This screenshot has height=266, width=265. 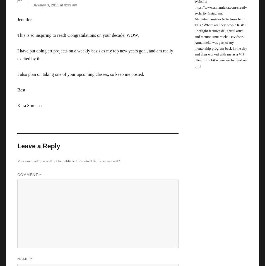 I want to click on 'Jennifer,', so click(x=25, y=19).